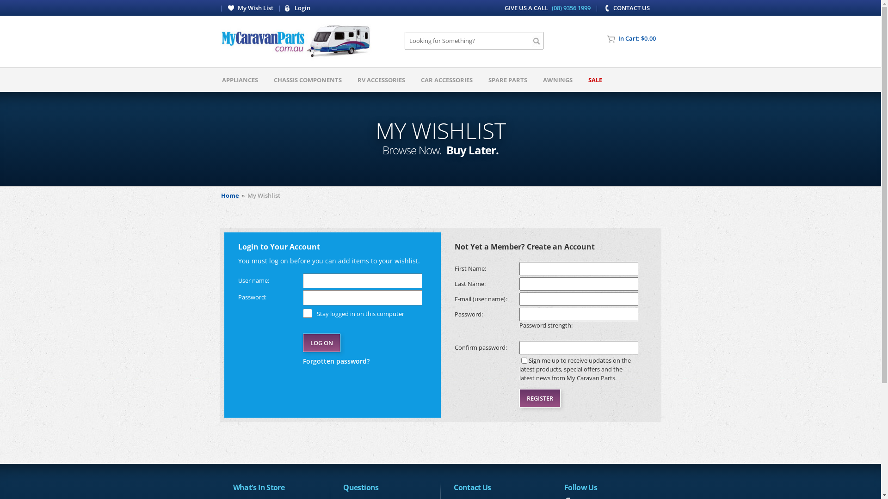 The height and width of the screenshot is (499, 888). I want to click on 'Forgotten password?', so click(362, 360).